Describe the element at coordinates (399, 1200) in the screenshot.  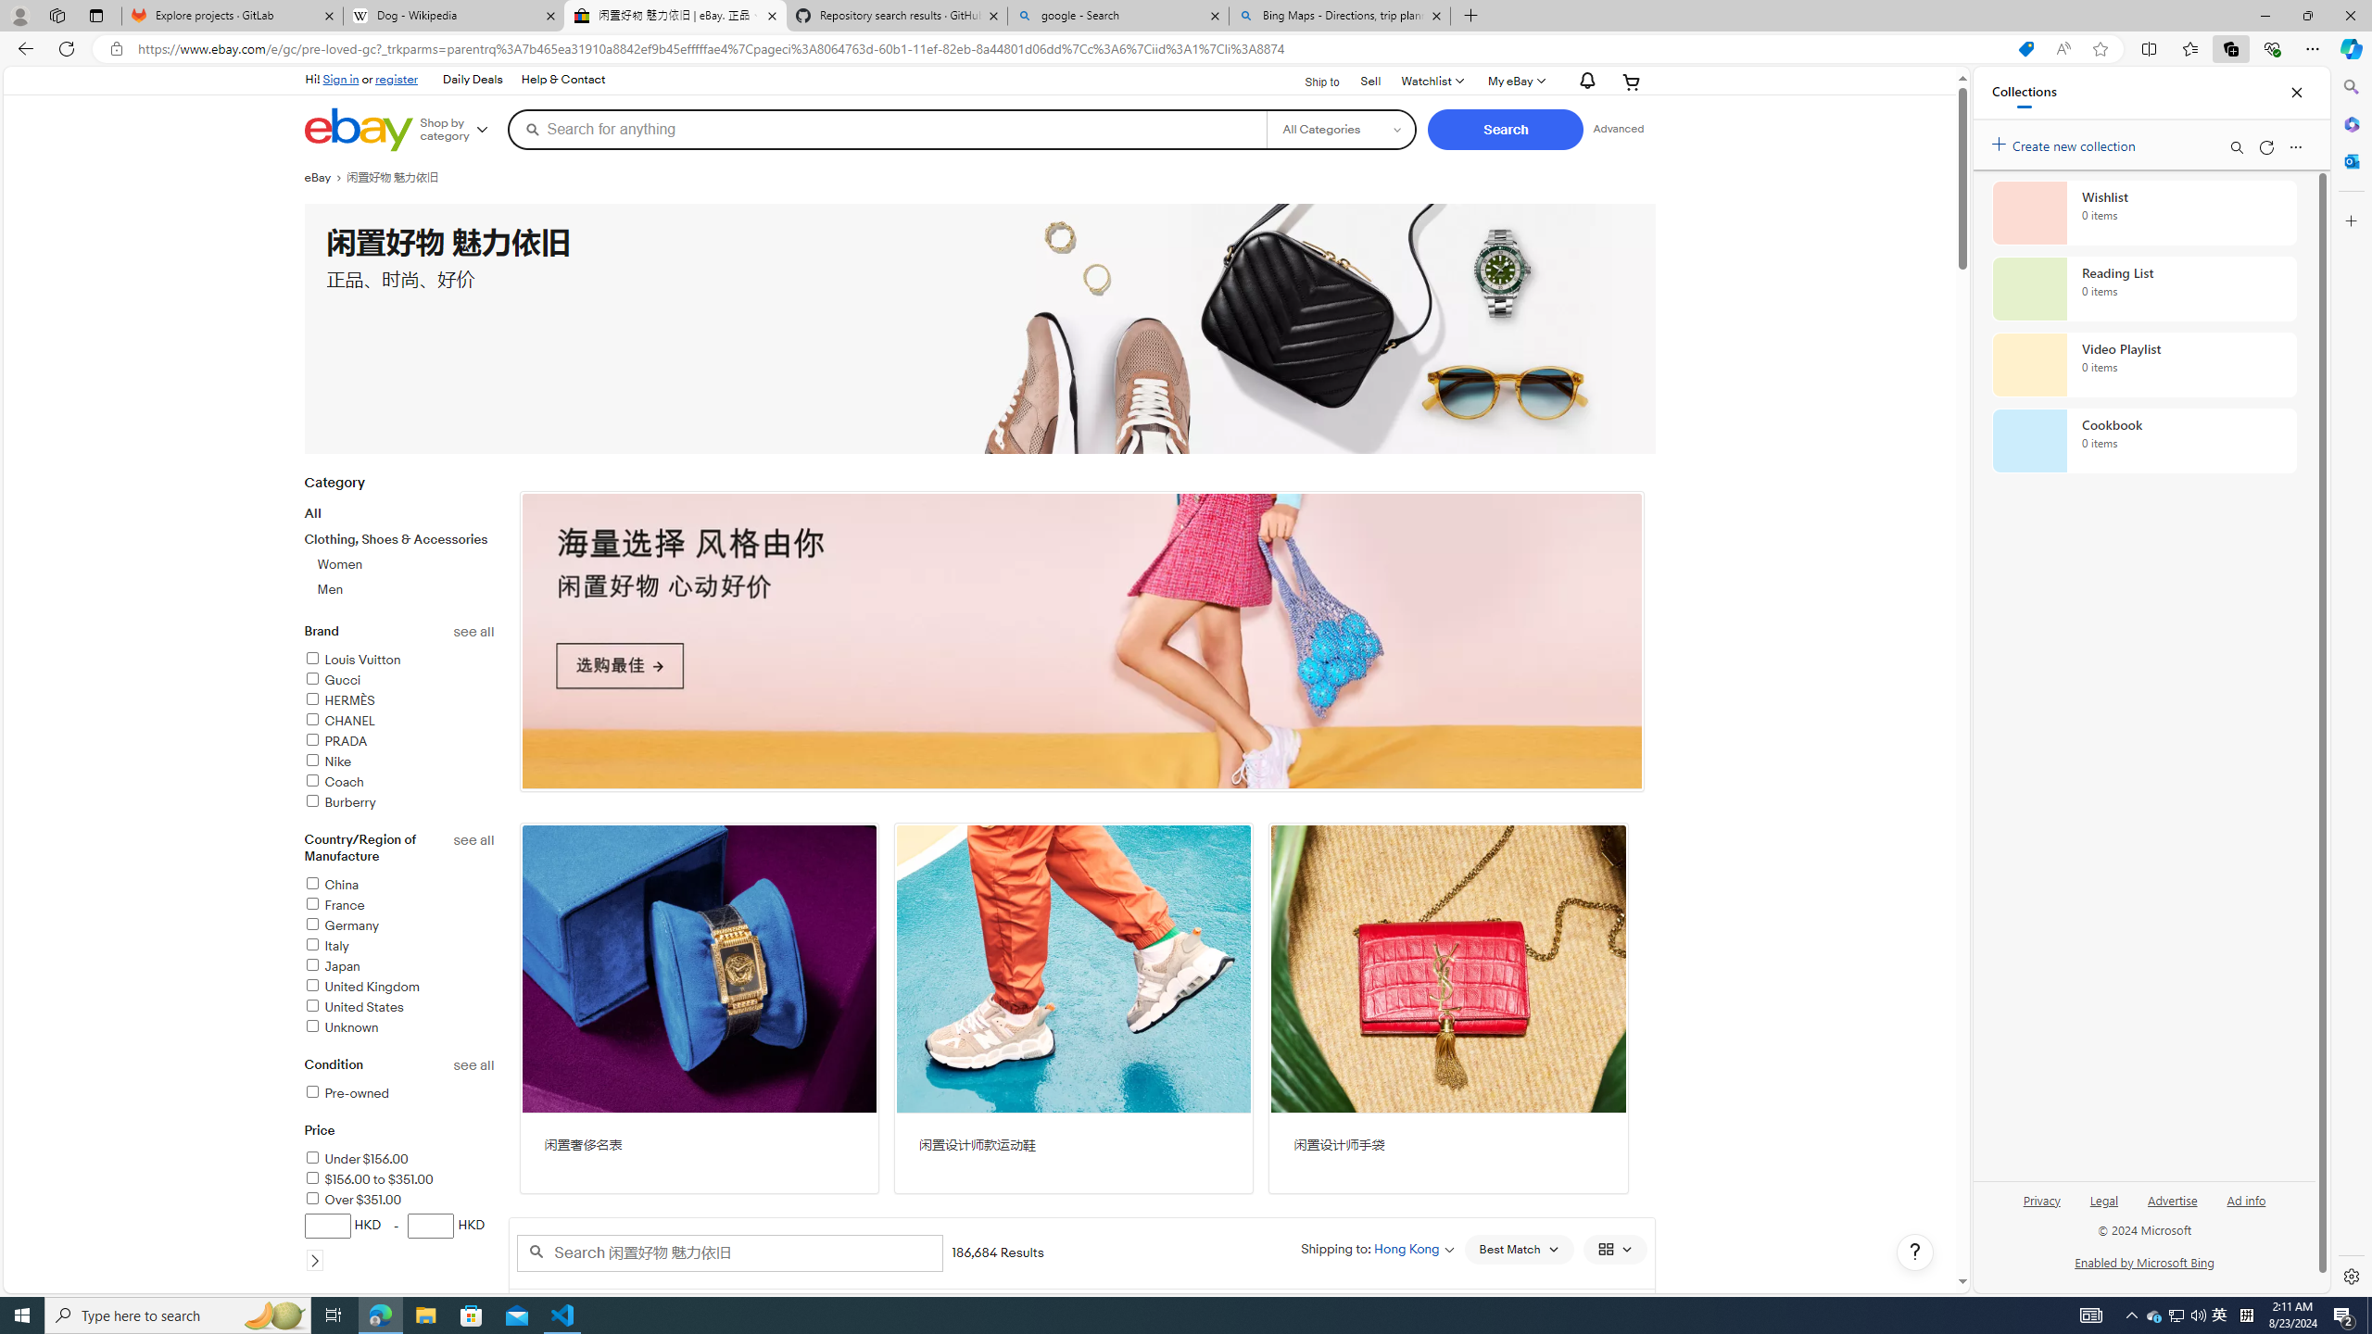
I see `'Over $351.00'` at that location.